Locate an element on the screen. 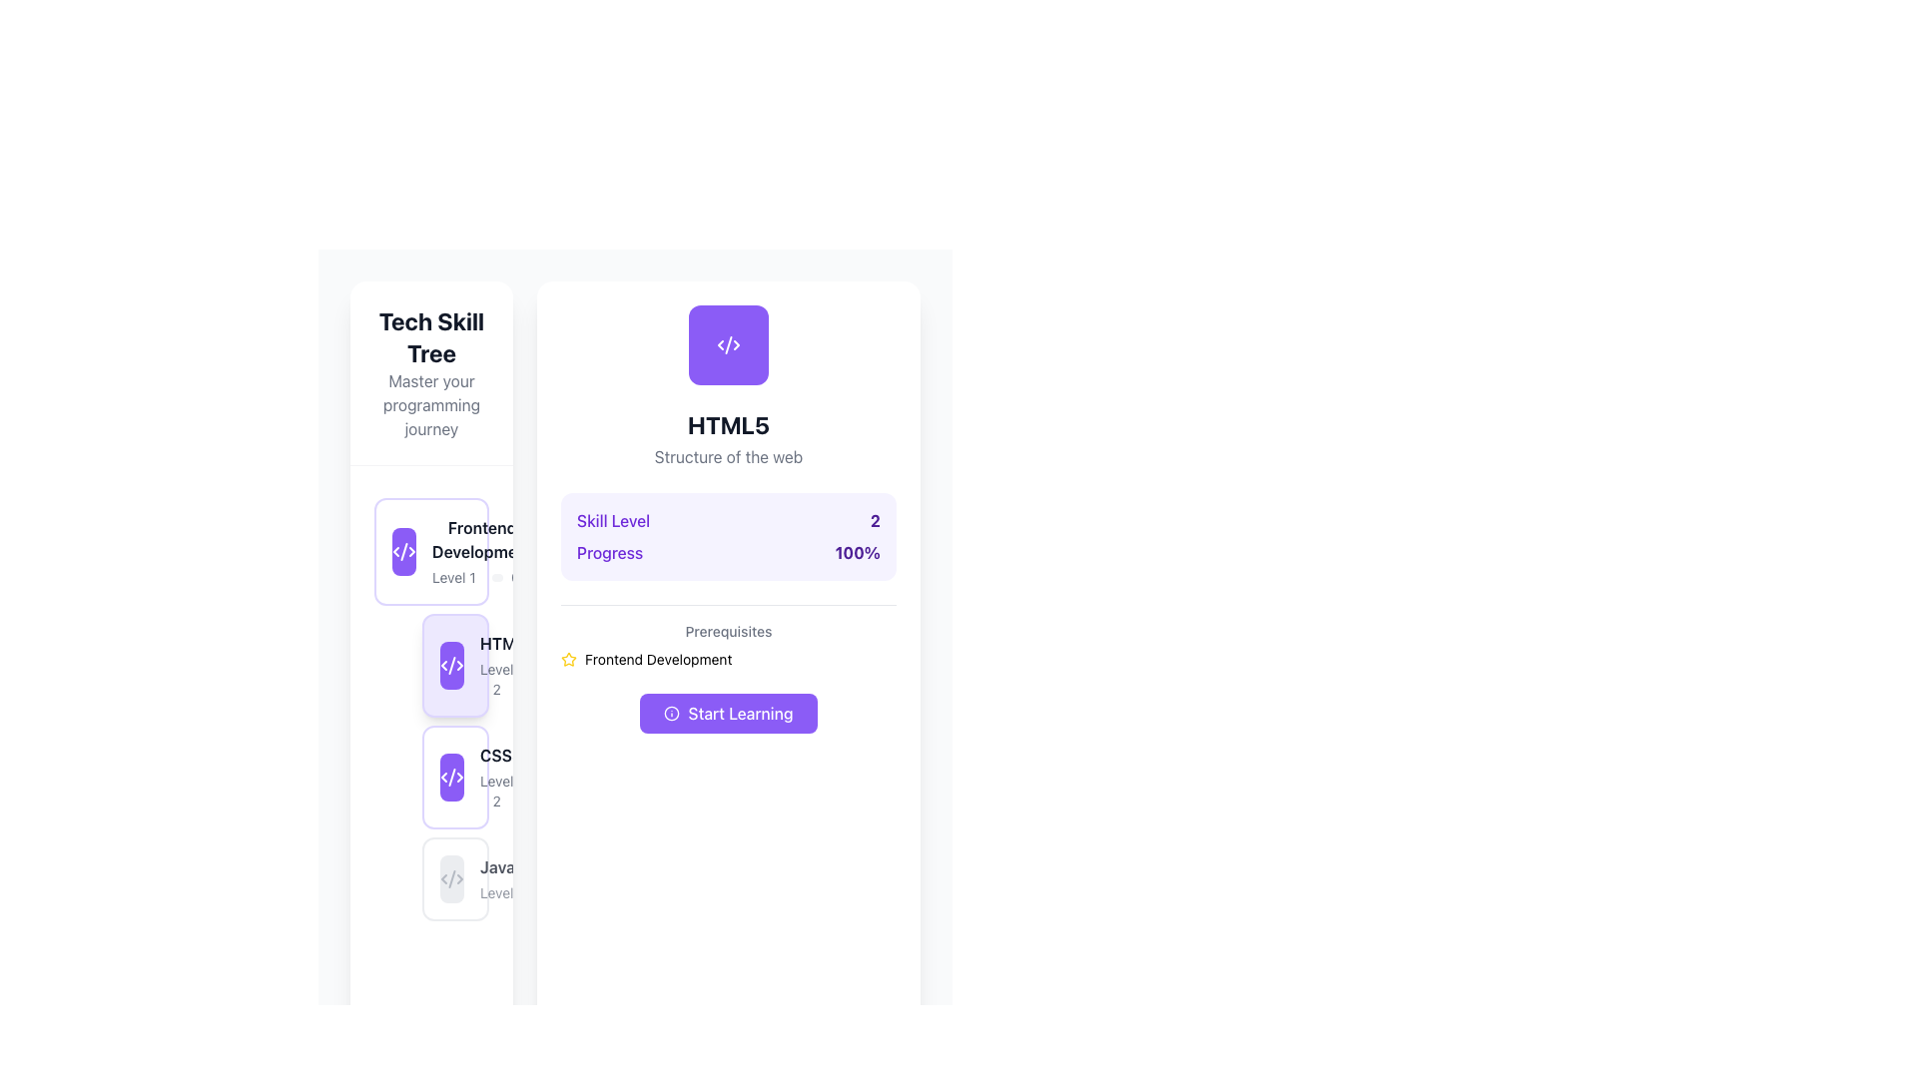 The width and height of the screenshot is (1917, 1078). the informational button with a code icon located in a light gray rounded rectangle at the bottom of the left sidebar, below the 'CSS3 Level' section is located at coordinates (430, 877).